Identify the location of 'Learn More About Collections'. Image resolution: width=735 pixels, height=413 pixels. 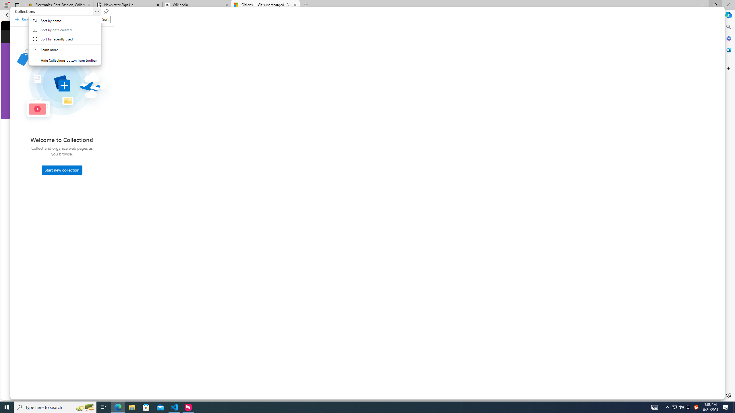
(65, 49).